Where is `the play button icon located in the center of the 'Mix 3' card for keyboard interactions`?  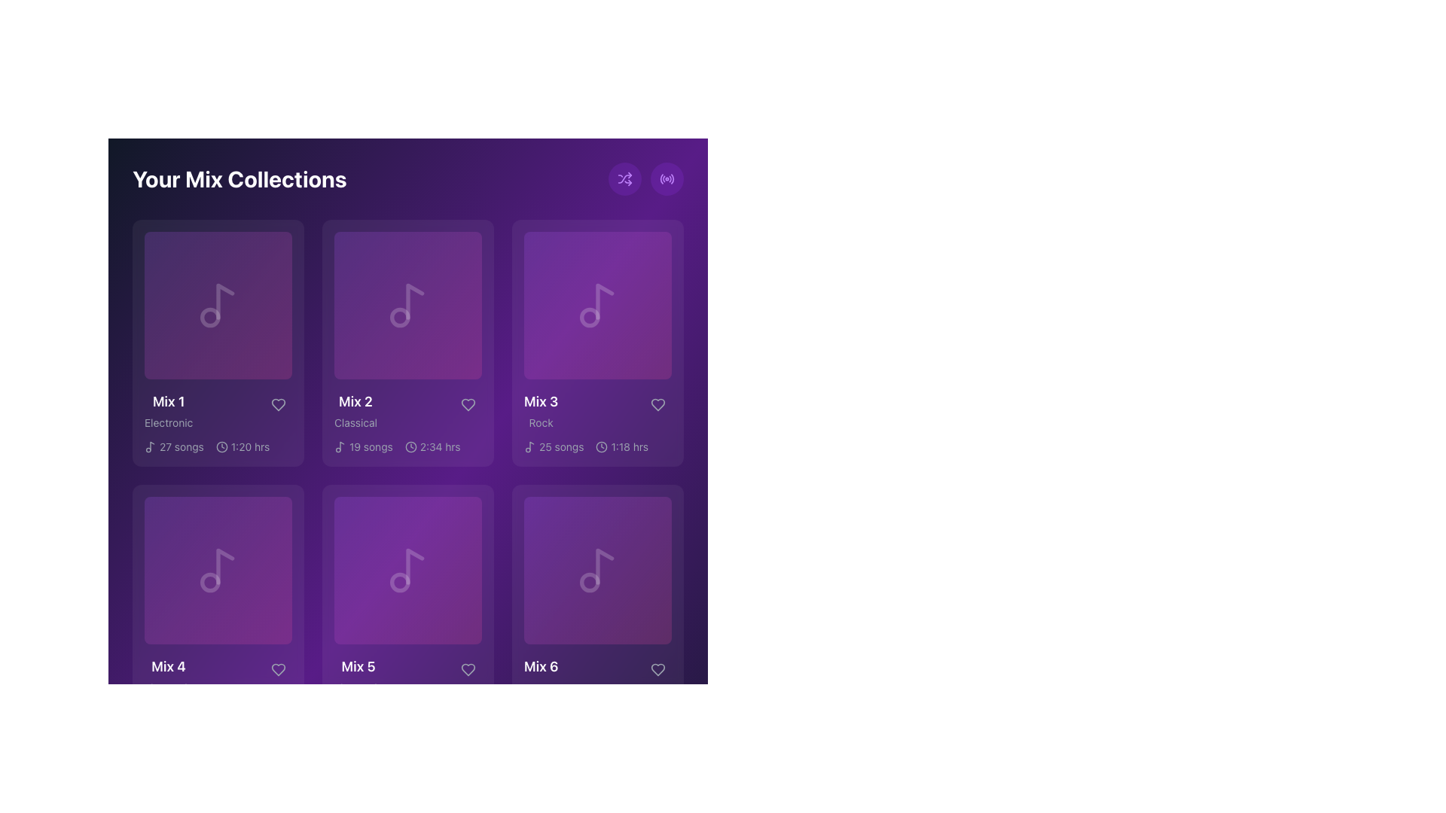
the play button icon located in the center of the 'Mix 3' card for keyboard interactions is located at coordinates (598, 305).